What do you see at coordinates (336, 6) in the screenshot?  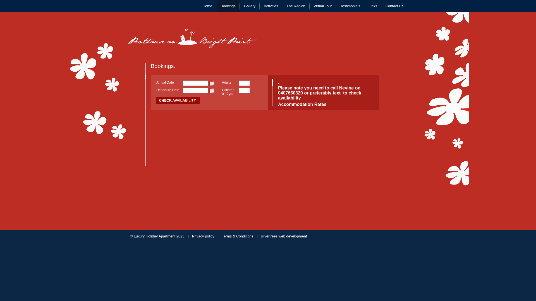 I see `'Testimonials'` at bounding box center [336, 6].